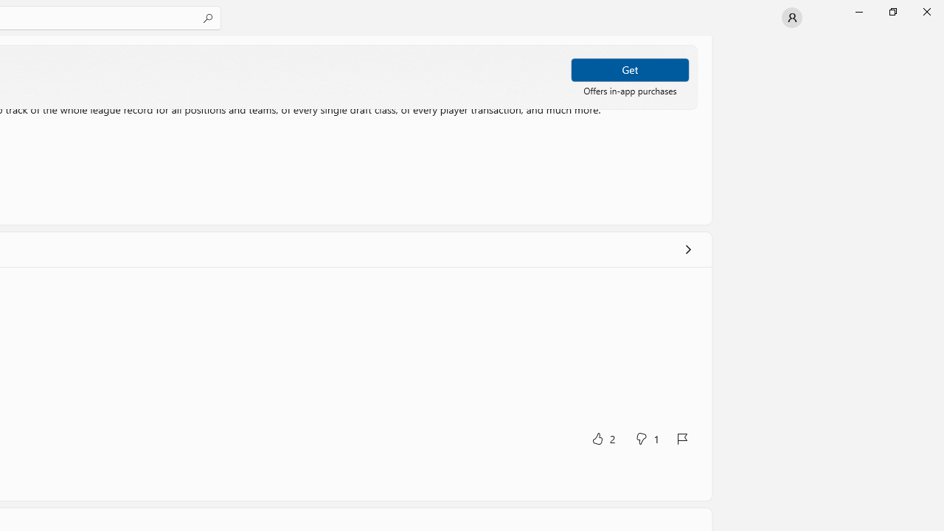  What do you see at coordinates (926, 11) in the screenshot?
I see `'Close Microsoft Store'` at bounding box center [926, 11].